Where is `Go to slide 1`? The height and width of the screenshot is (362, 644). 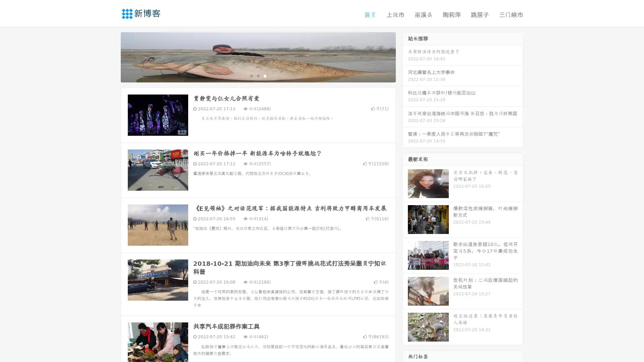
Go to slide 1 is located at coordinates (251, 75).